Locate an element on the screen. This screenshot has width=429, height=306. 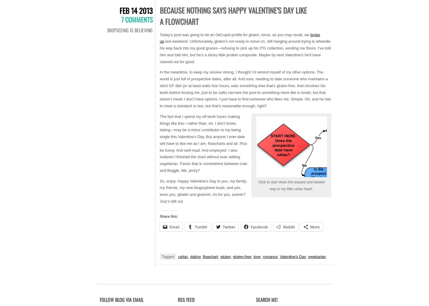
'Facebook' is located at coordinates (259, 227).